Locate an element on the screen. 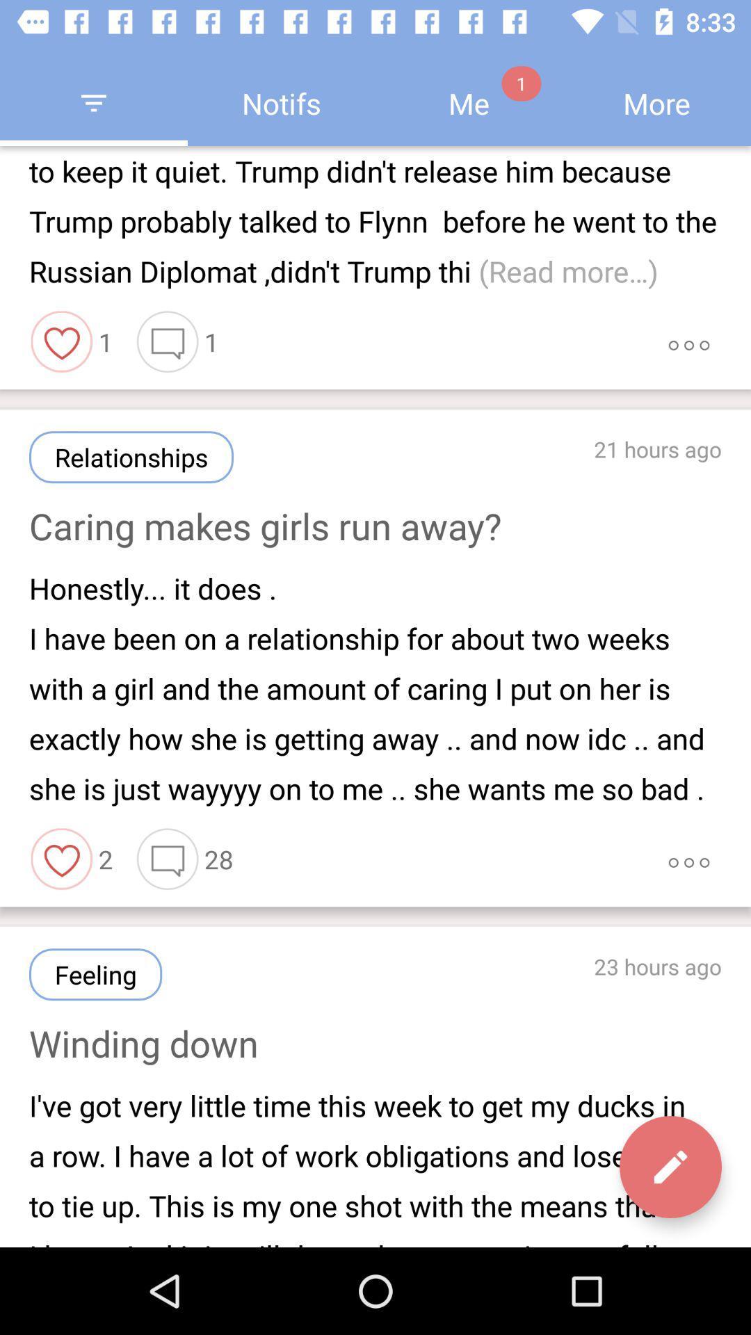 Image resolution: width=751 pixels, height=1335 pixels. the edit icon is located at coordinates (670, 1167).